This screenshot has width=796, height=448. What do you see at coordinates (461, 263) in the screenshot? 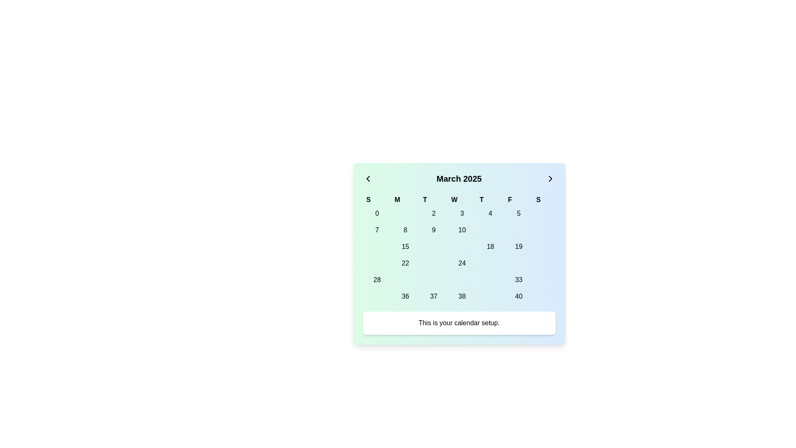
I see `the date '24' in the calendar interface` at bounding box center [461, 263].